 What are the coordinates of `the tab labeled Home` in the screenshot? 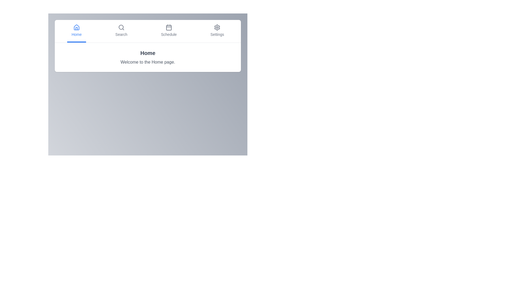 It's located at (76, 31).